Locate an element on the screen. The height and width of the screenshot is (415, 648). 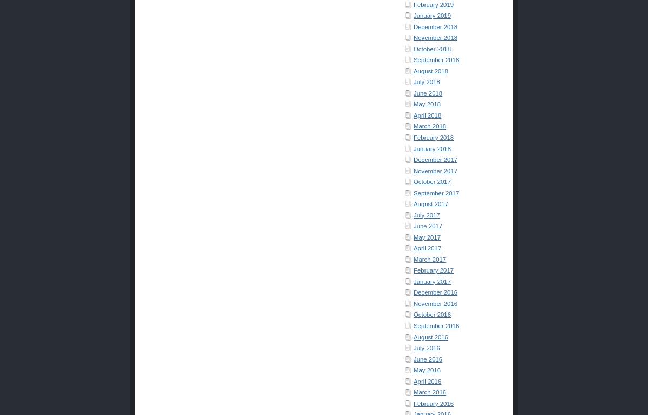
'September 2018' is located at coordinates (435, 59).